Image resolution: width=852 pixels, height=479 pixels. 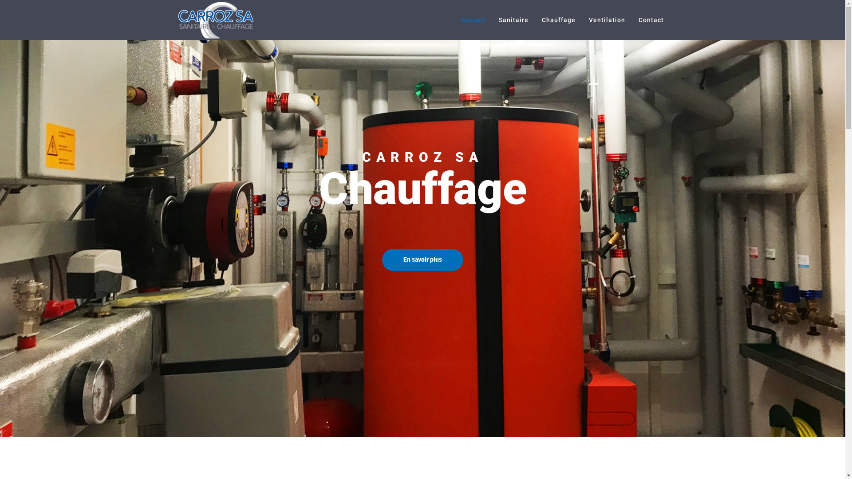 What do you see at coordinates (513, 20) in the screenshot?
I see `'Sanitaire'` at bounding box center [513, 20].